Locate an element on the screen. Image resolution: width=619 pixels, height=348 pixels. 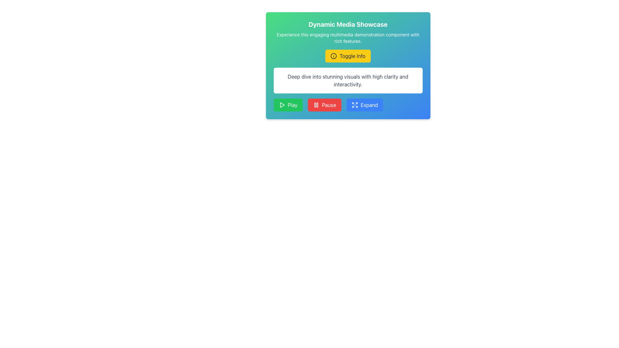
the circular Decorative SVG component located at the center of the 'Toggle Info' button is located at coordinates (334, 55).